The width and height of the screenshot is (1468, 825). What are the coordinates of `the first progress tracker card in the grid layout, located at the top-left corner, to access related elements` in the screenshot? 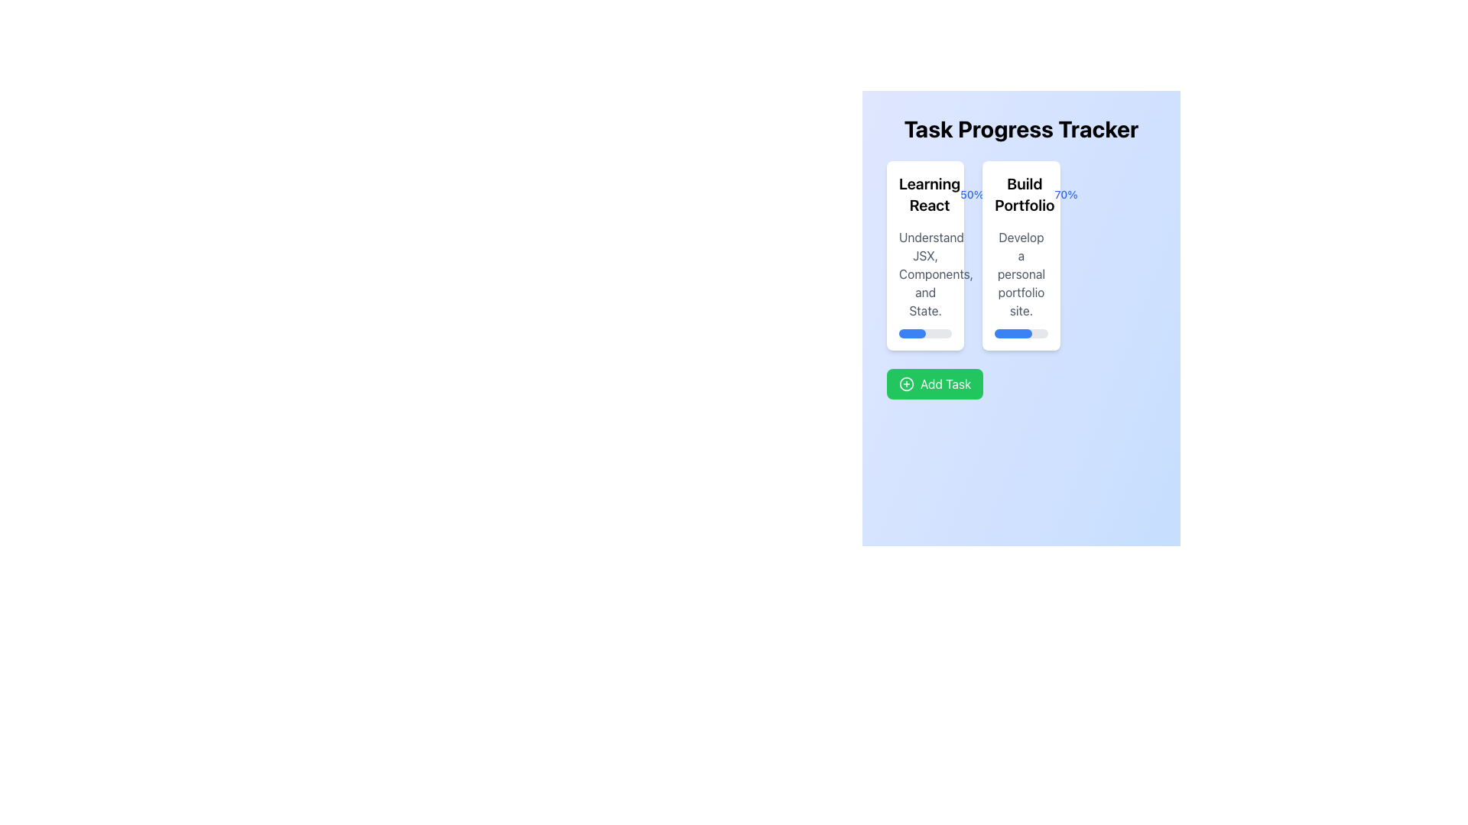 It's located at (924, 255).